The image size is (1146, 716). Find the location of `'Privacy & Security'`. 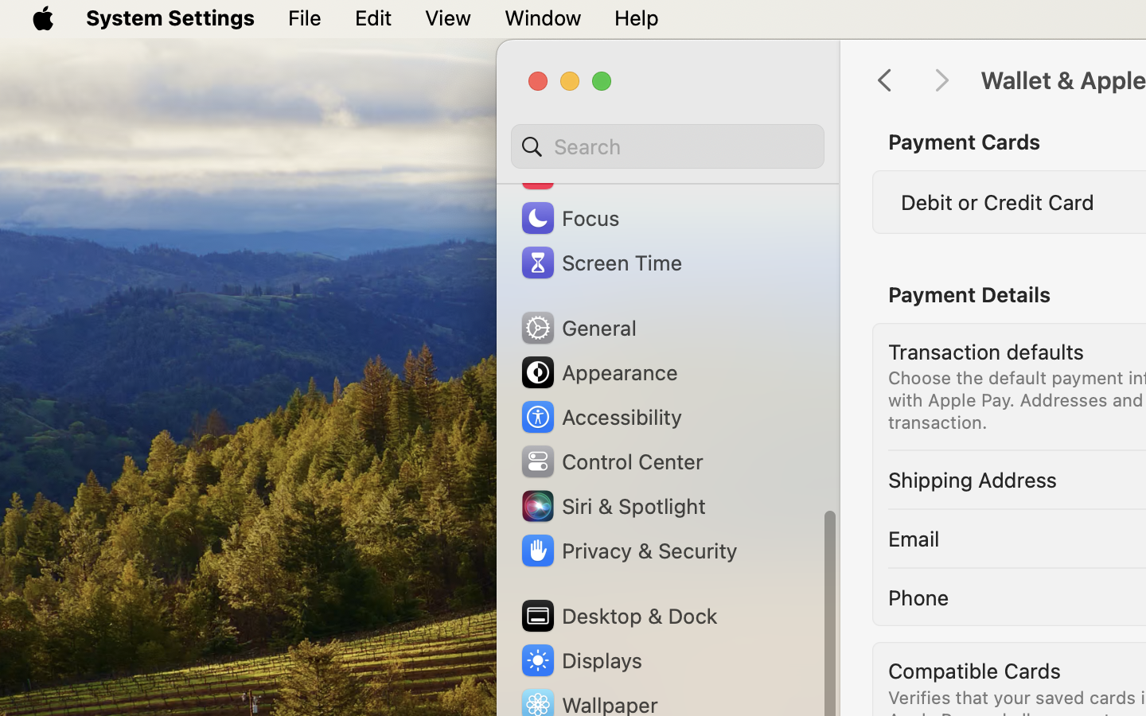

'Privacy & Security' is located at coordinates (627, 550).